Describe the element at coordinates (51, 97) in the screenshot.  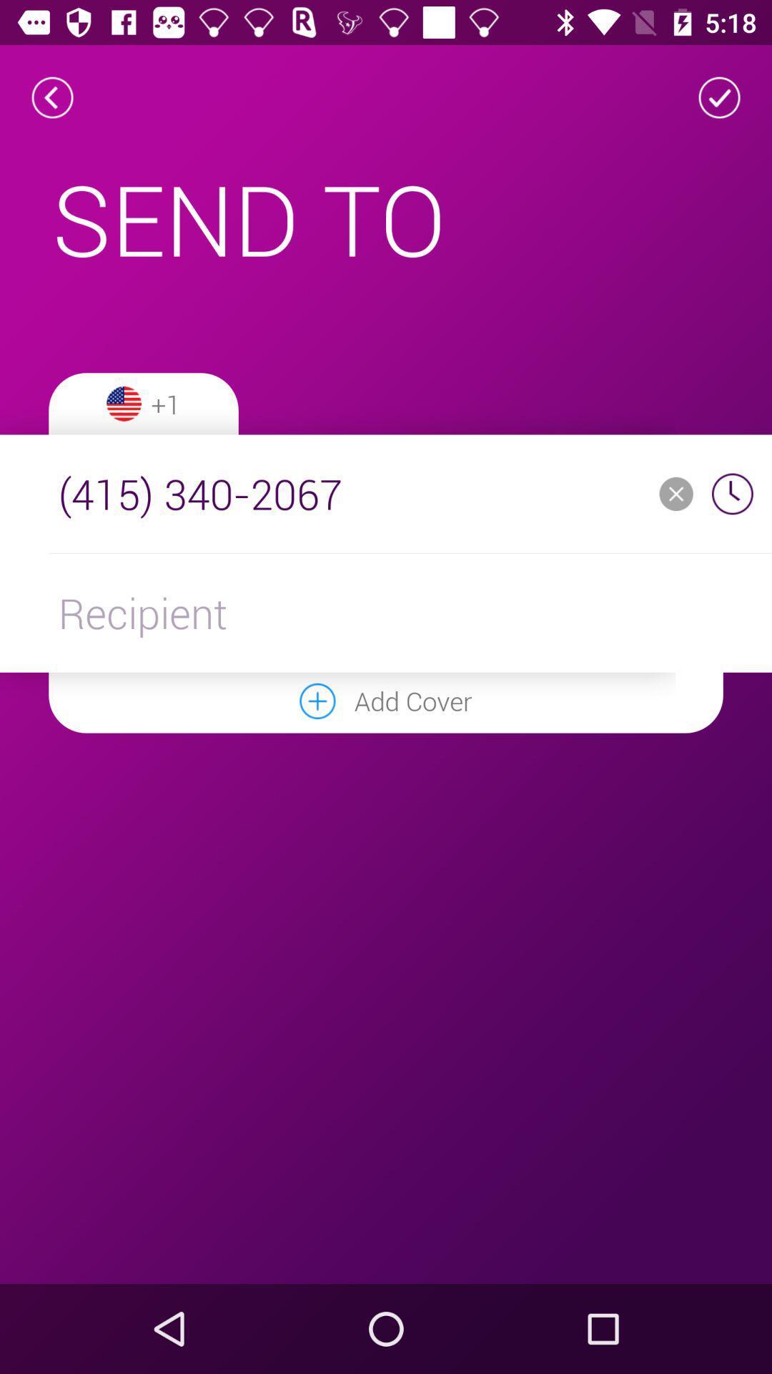
I see `the arrow_backward icon` at that location.